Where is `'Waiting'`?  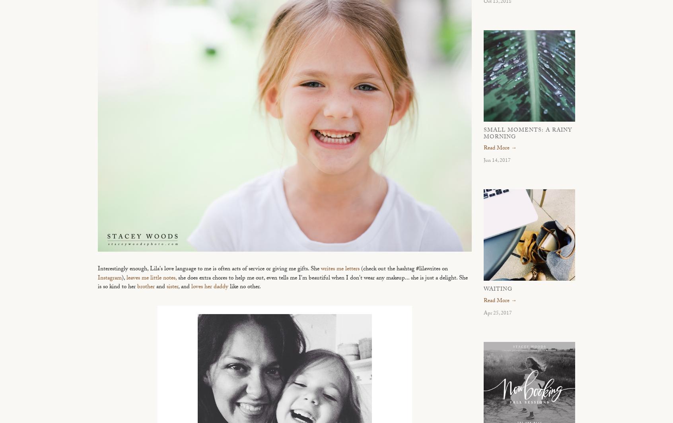
'Waiting' is located at coordinates (498, 290).